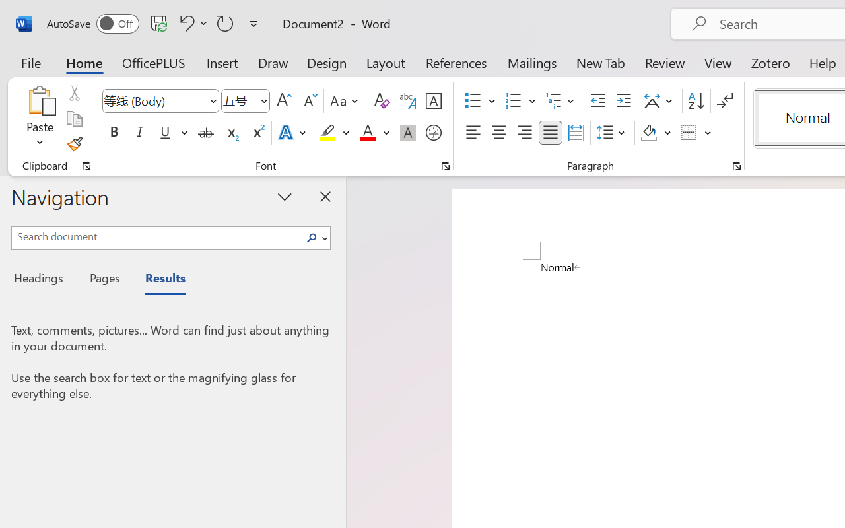 The height and width of the screenshot is (528, 845). Describe the element at coordinates (770, 62) in the screenshot. I see `'Zotero'` at that location.